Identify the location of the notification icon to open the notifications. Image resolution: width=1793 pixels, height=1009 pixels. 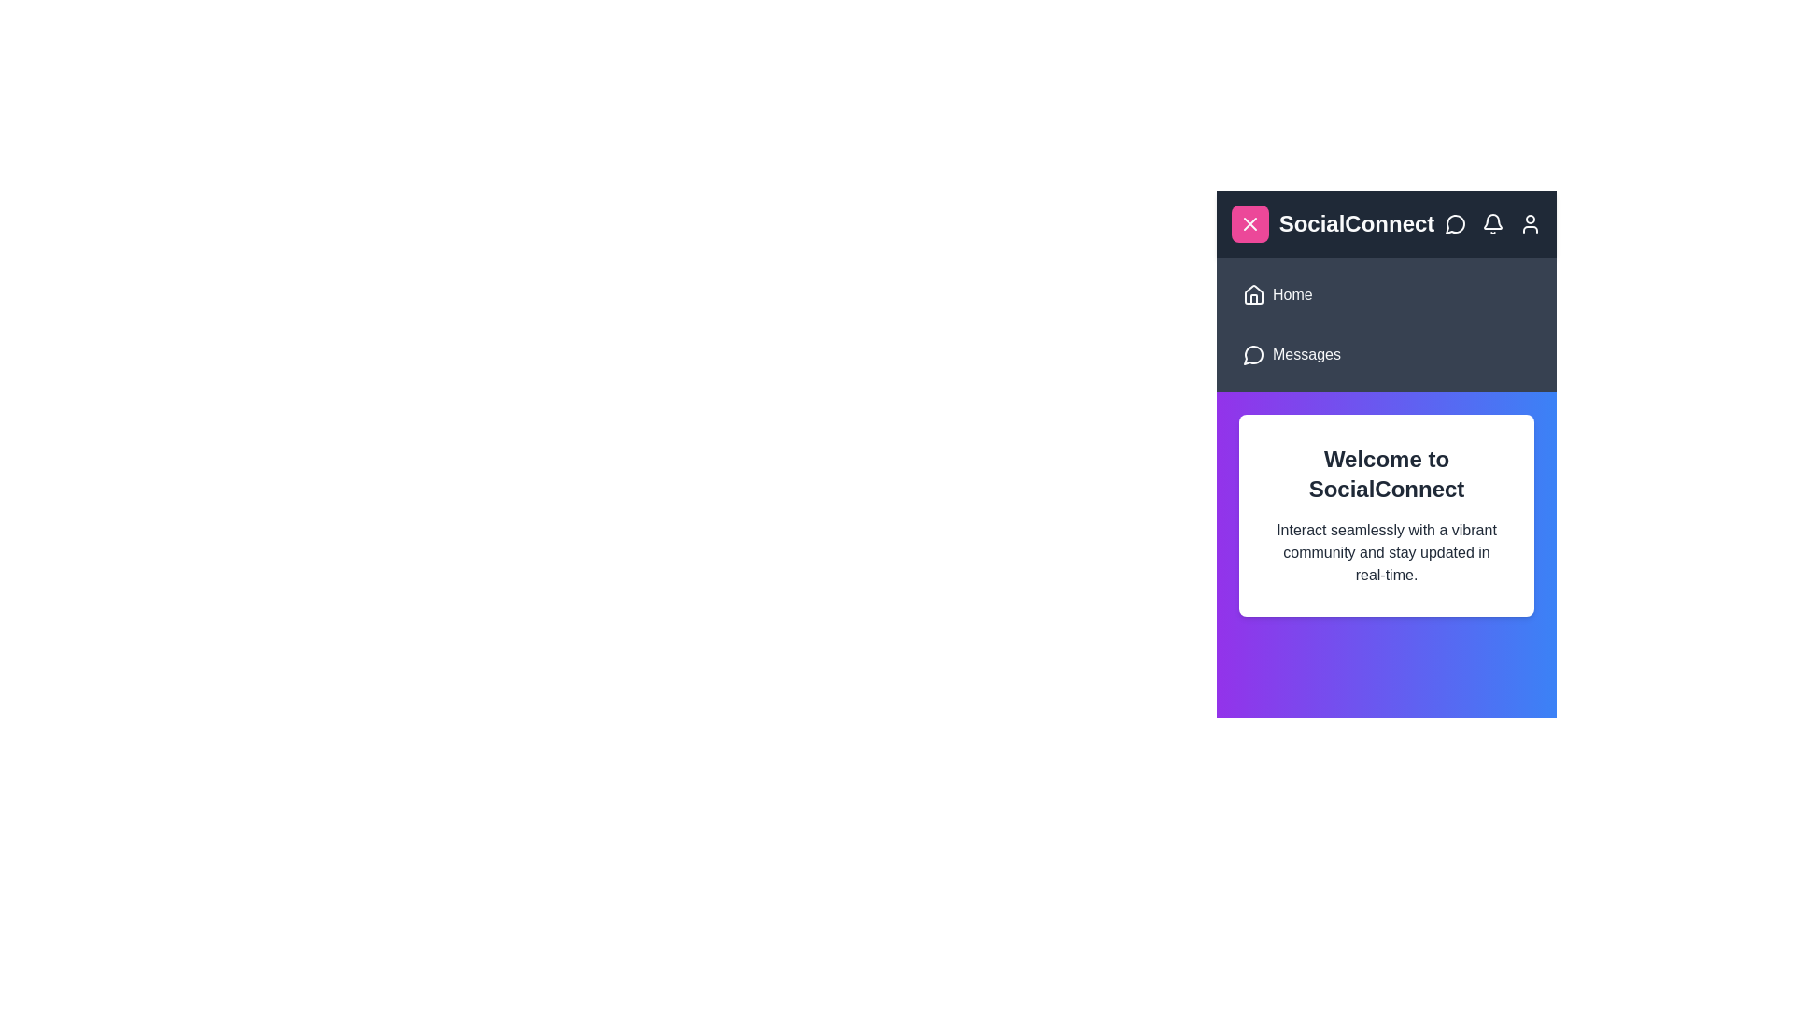
(1491, 222).